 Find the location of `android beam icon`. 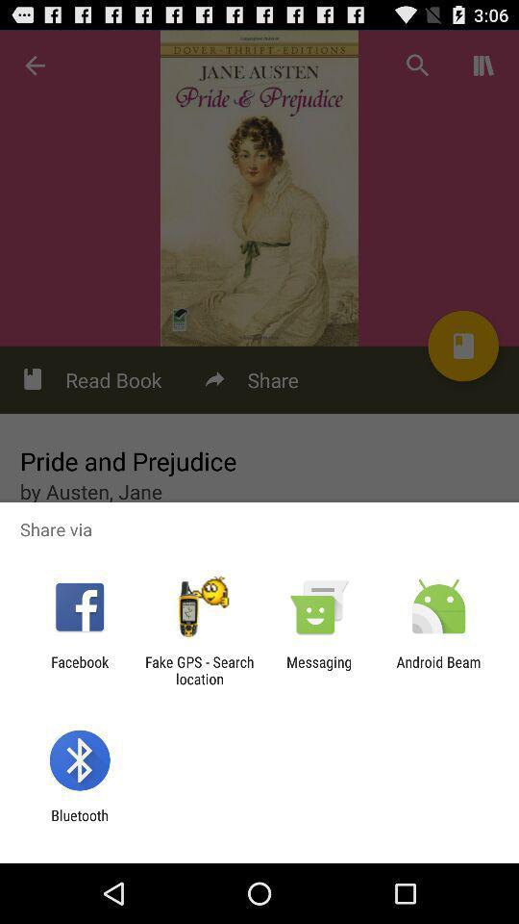

android beam icon is located at coordinates (438, 670).